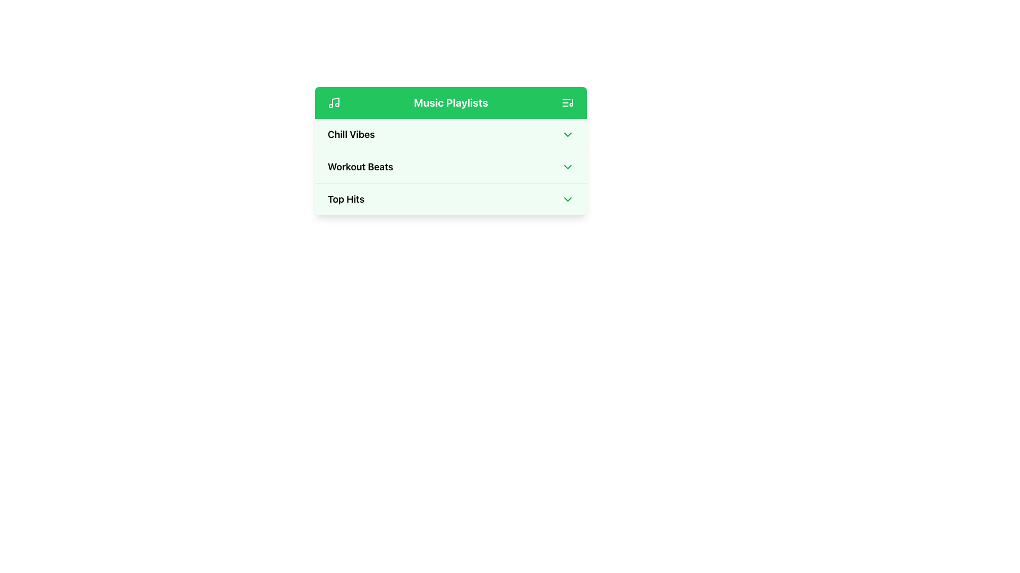 This screenshot has width=1020, height=573. Describe the element at coordinates (567, 134) in the screenshot. I see `the downward-pointing chevron icon button with a green outline next to 'Chill Vibes' in the playlist interface` at that location.